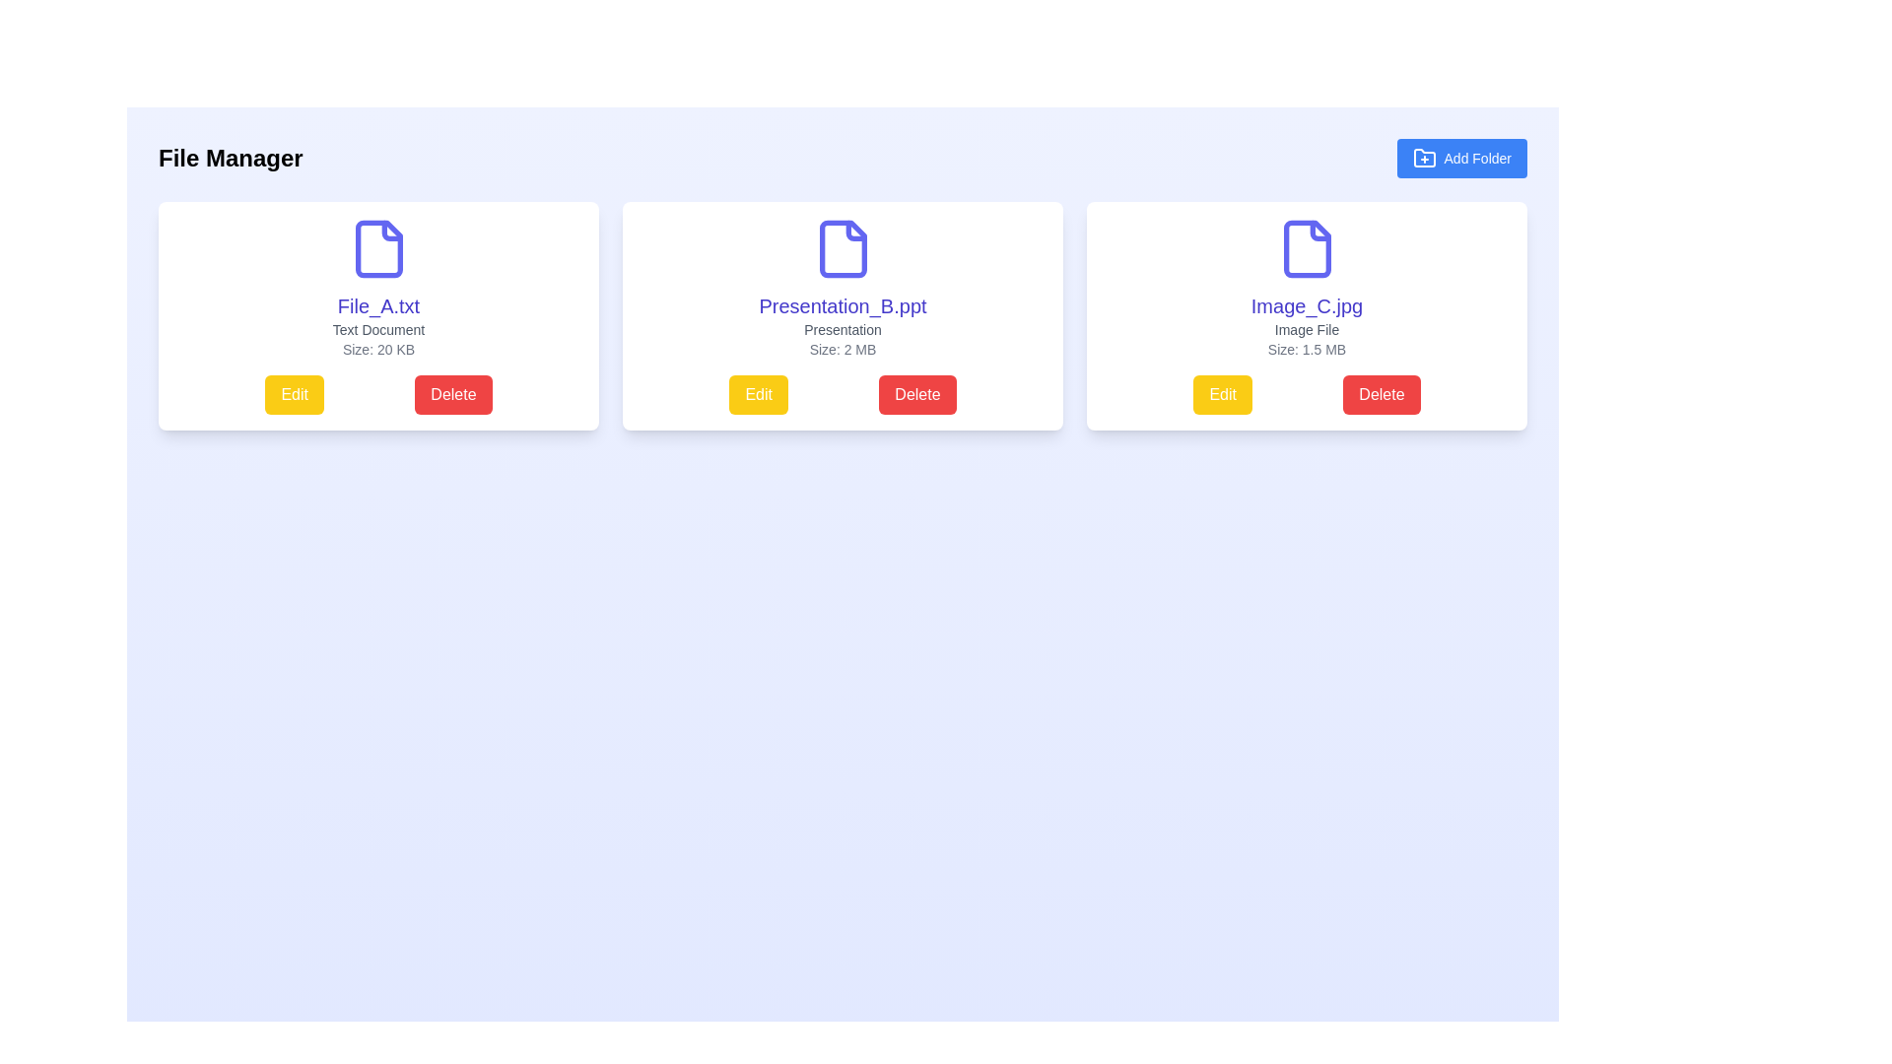 This screenshot has width=1892, height=1064. Describe the element at coordinates (1307, 306) in the screenshot. I see `the text label displaying 'Image_C.jpg' which is styled with a larger indigo font and located in the third card of a horizontally aligned list` at that location.